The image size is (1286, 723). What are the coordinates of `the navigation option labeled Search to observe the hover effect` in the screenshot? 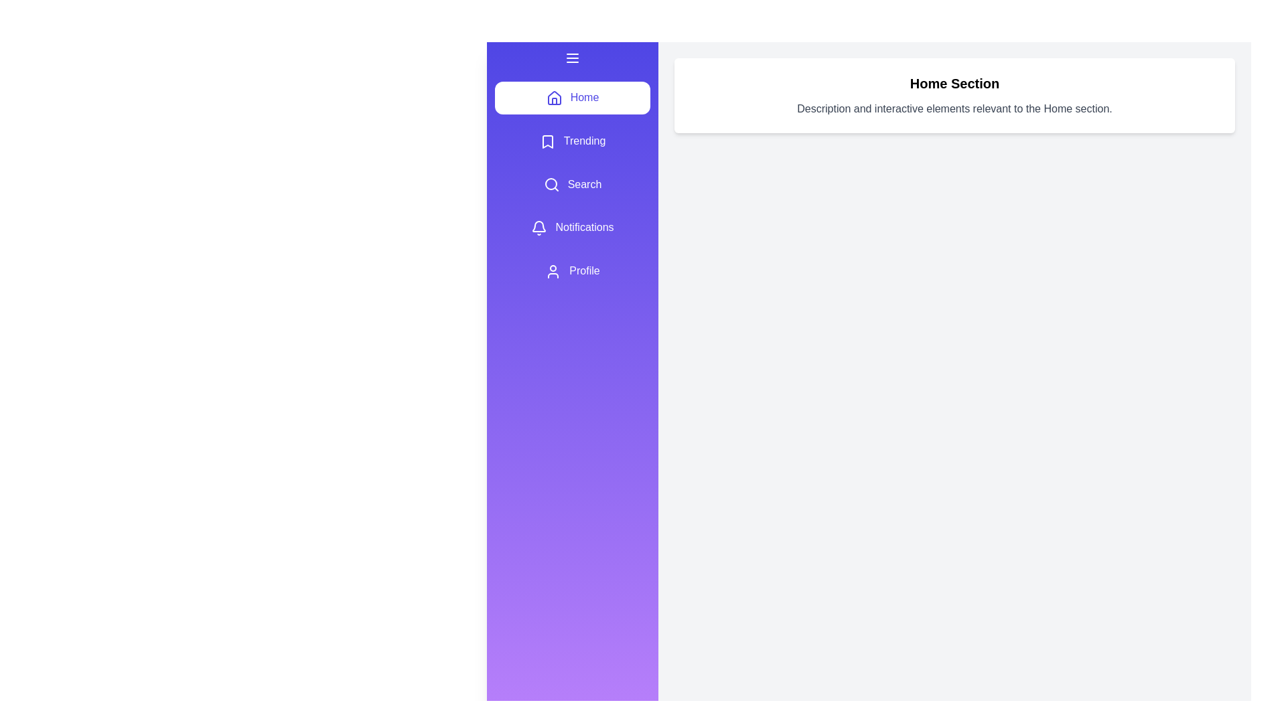 It's located at (572, 185).